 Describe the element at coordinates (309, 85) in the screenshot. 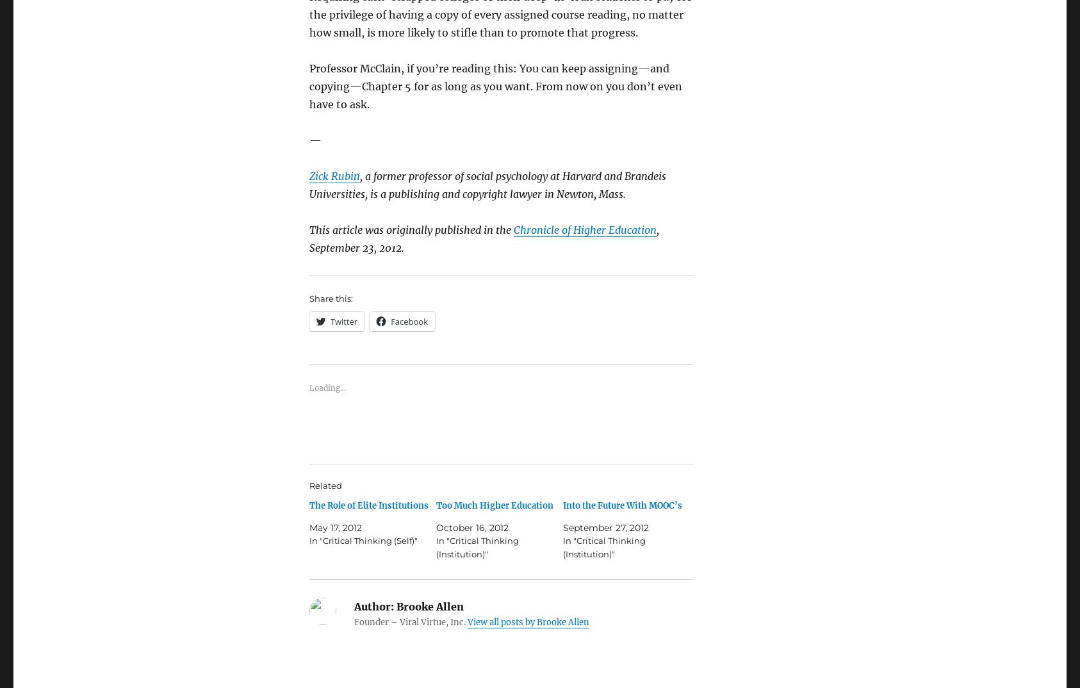

I see `'Professor McClain, if you’re reading this: You can keep assigning—and copying—Chapter 5 for as long as you want. From now on you don’t even have to ask.'` at that location.